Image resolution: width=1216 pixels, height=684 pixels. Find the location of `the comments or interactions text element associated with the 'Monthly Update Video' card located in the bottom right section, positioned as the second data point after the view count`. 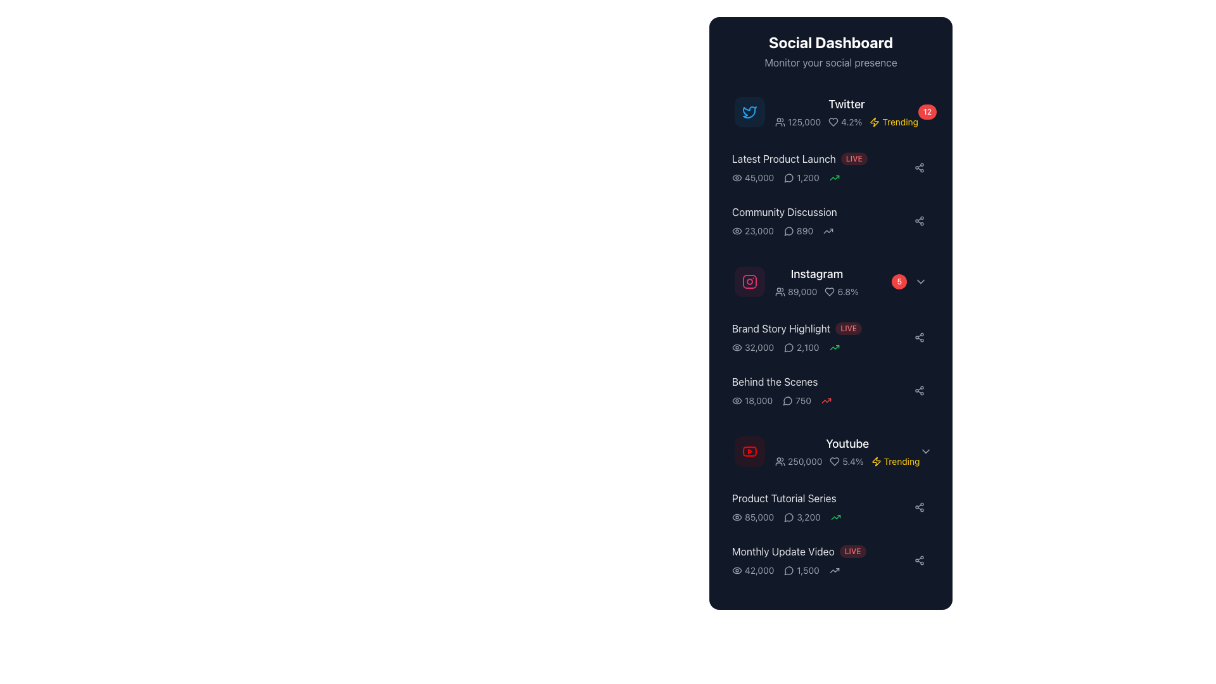

the comments or interactions text element associated with the 'Monthly Update Video' card located in the bottom right section, positioned as the second data point after the view count is located at coordinates (801, 571).